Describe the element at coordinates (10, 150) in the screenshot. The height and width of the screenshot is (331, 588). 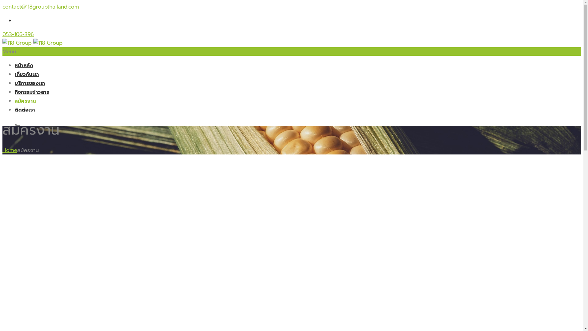
I see `'Home'` at that location.